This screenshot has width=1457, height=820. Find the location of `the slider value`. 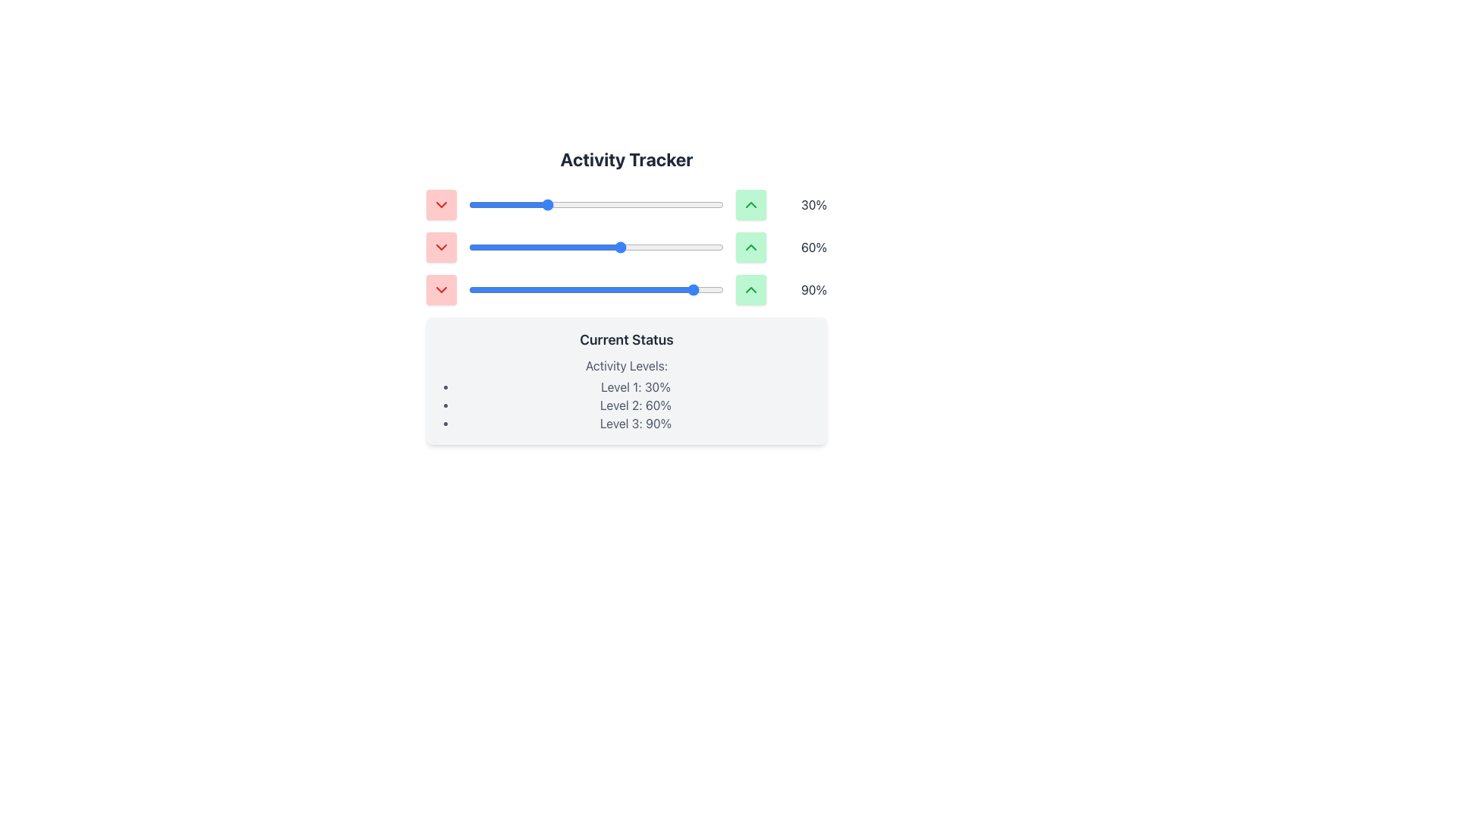

the slider value is located at coordinates (489, 247).